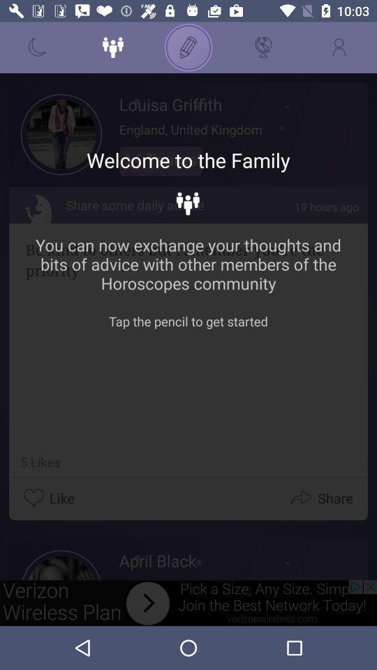 The height and width of the screenshot is (670, 377). I want to click on the edit icon, so click(188, 47).